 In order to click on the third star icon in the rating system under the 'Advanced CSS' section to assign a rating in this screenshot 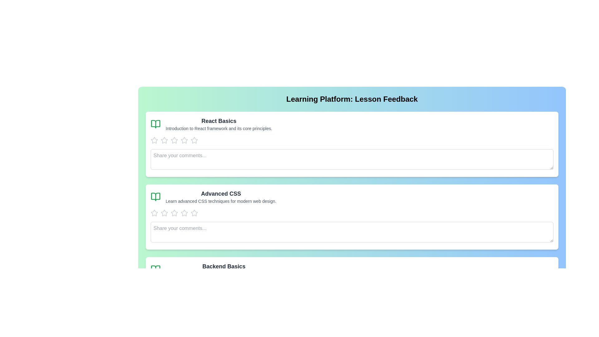, I will do `click(154, 212)`.